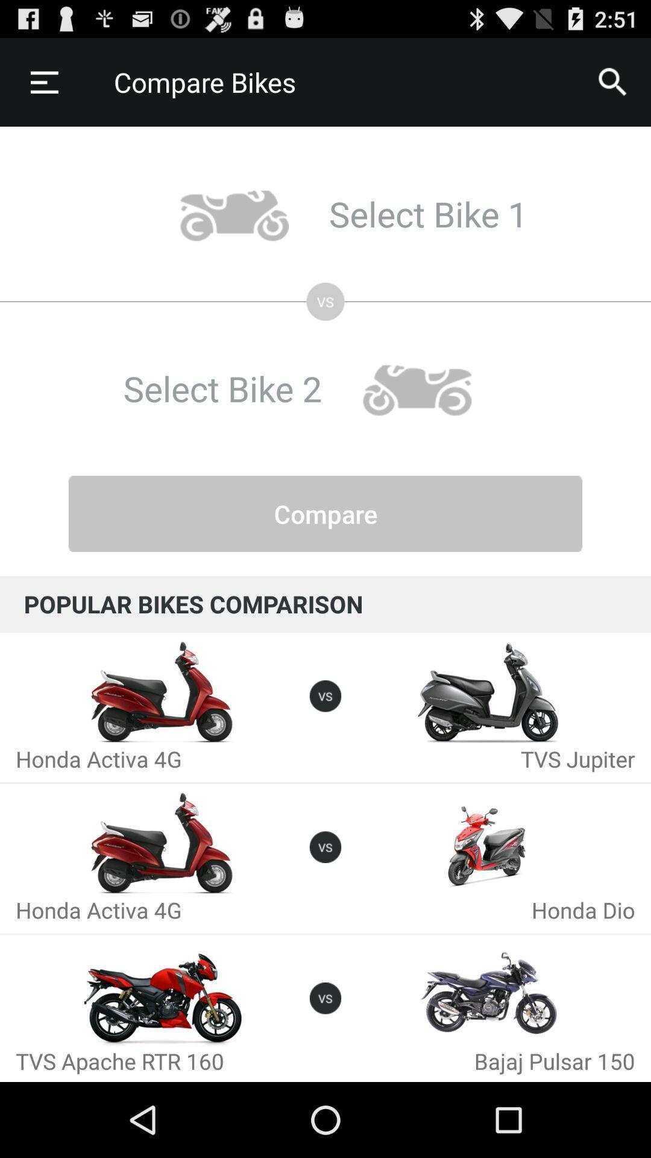  I want to click on icon to the right of the compare bikes, so click(613, 81).